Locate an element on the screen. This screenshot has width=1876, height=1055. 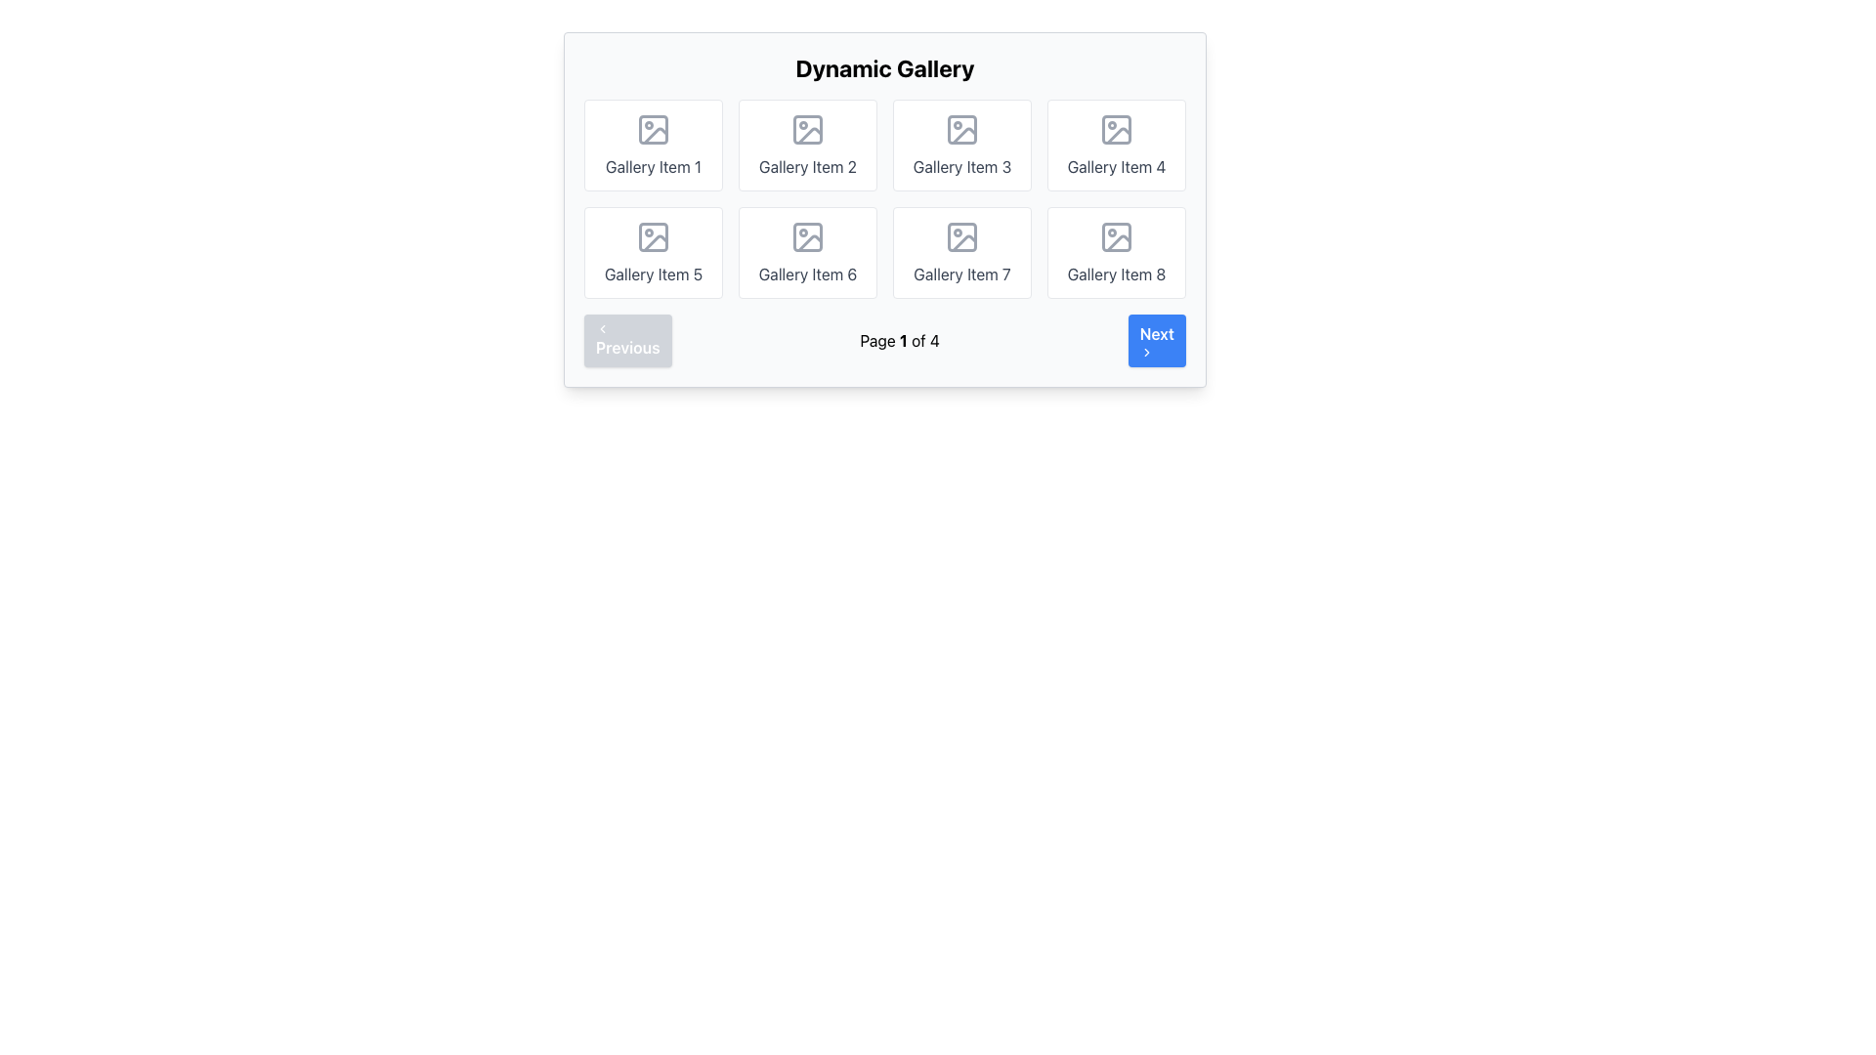
the first card element labeled 'Gallery Item 1' in the gallery grid is located at coordinates (653, 145).